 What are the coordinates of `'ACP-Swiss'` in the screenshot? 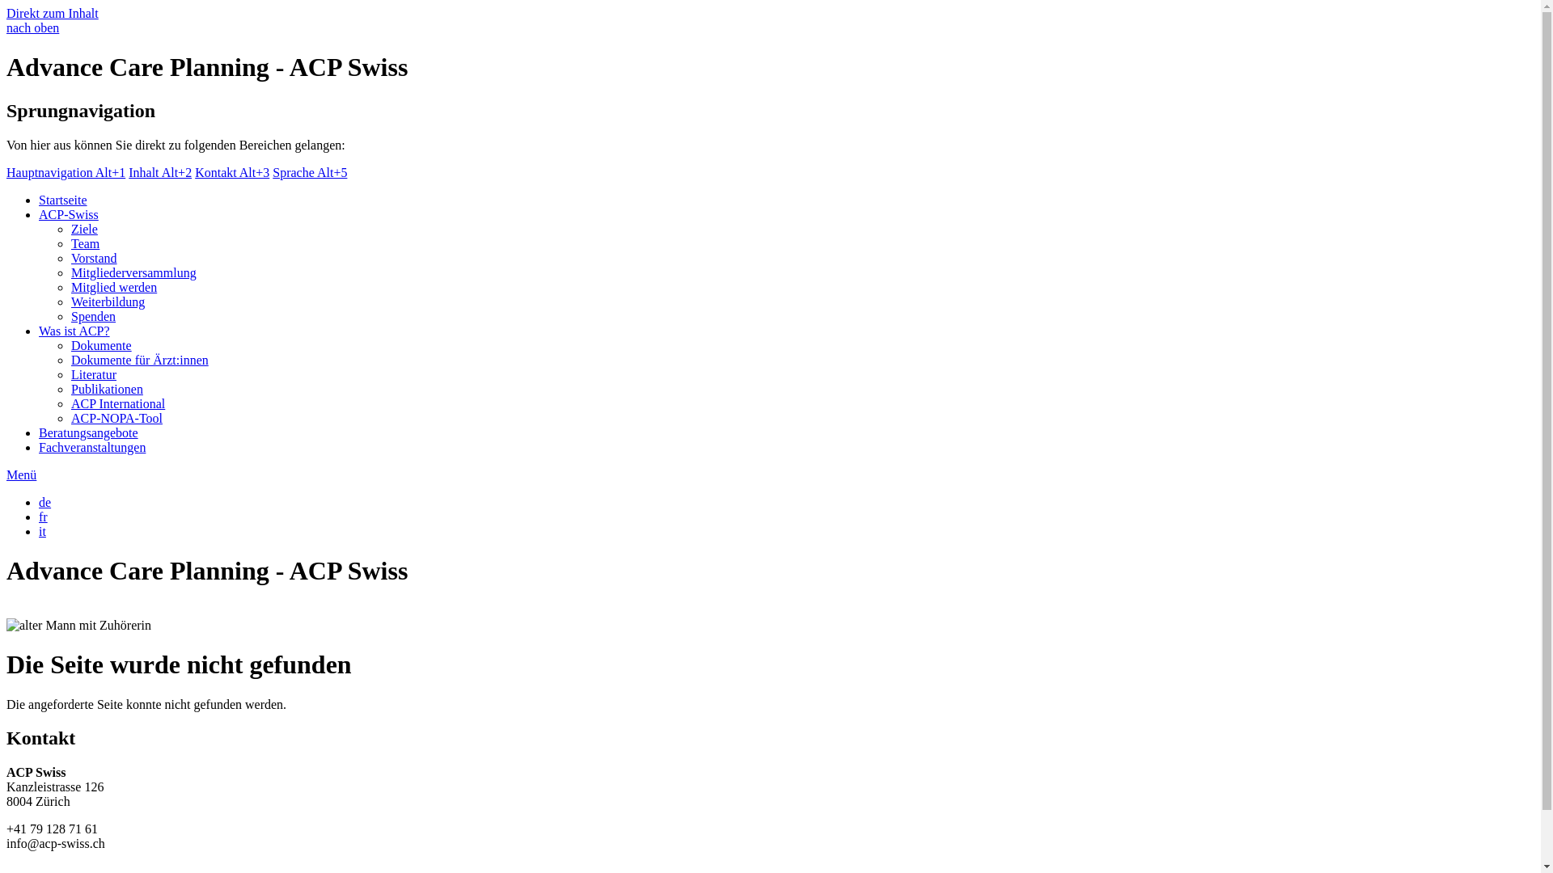 It's located at (39, 213).